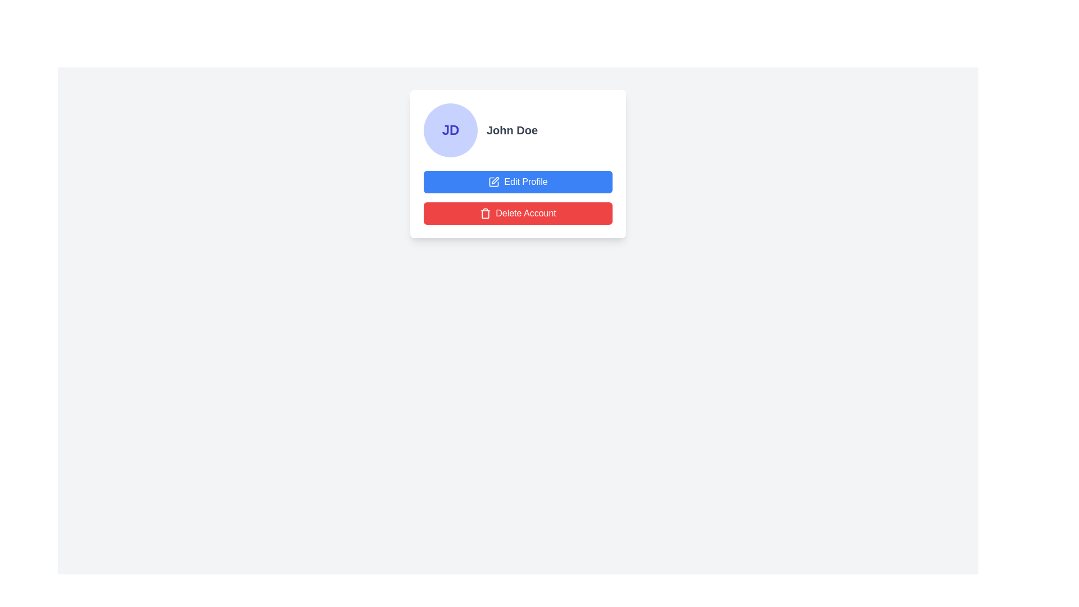 This screenshot has width=1079, height=607. What do you see at coordinates (494, 182) in the screenshot?
I see `the icon depicting a pen inside a square, which is located within the blue button labeled 'Edit Profile'` at bounding box center [494, 182].